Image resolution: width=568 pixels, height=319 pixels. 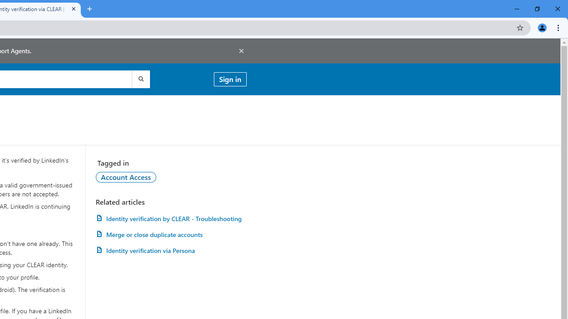 What do you see at coordinates (140, 78) in the screenshot?
I see `'Submit search'` at bounding box center [140, 78].